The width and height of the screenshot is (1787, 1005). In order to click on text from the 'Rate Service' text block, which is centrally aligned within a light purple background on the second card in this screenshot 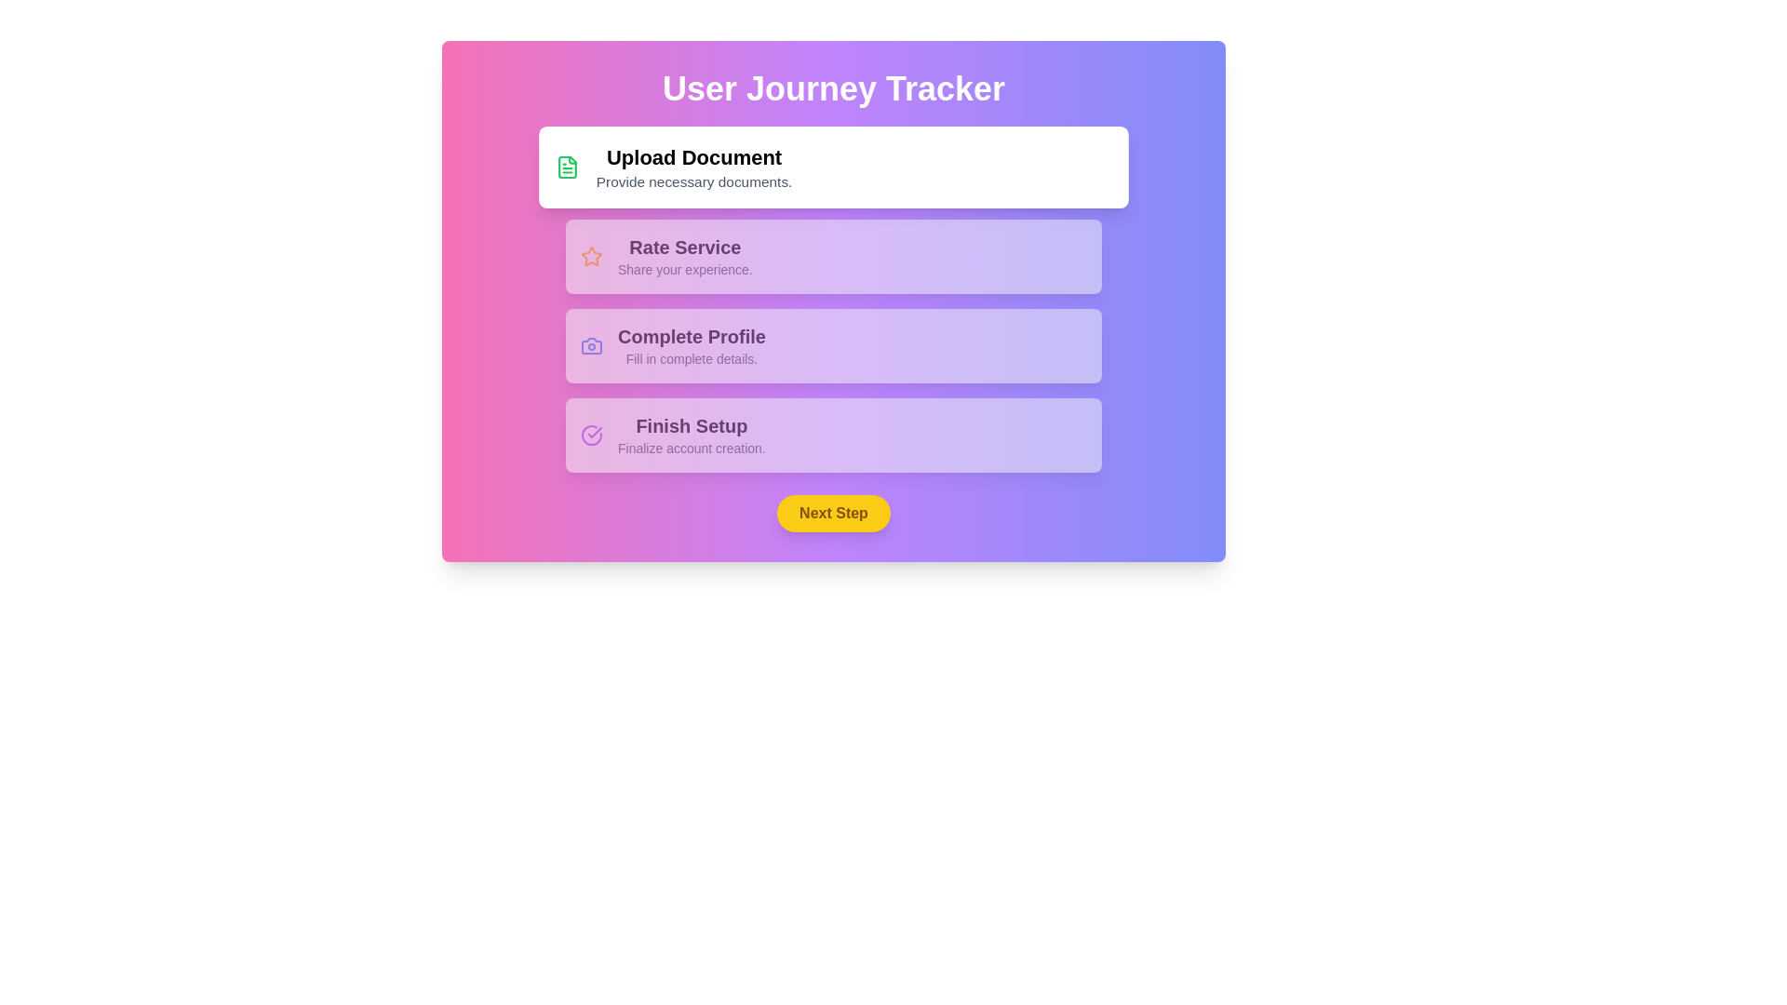, I will do `click(684, 257)`.